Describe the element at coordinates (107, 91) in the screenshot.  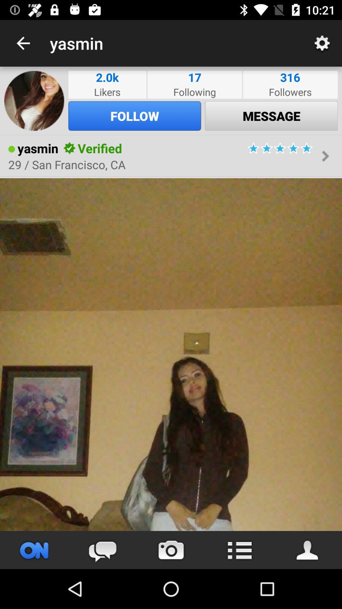
I see `likers` at that location.